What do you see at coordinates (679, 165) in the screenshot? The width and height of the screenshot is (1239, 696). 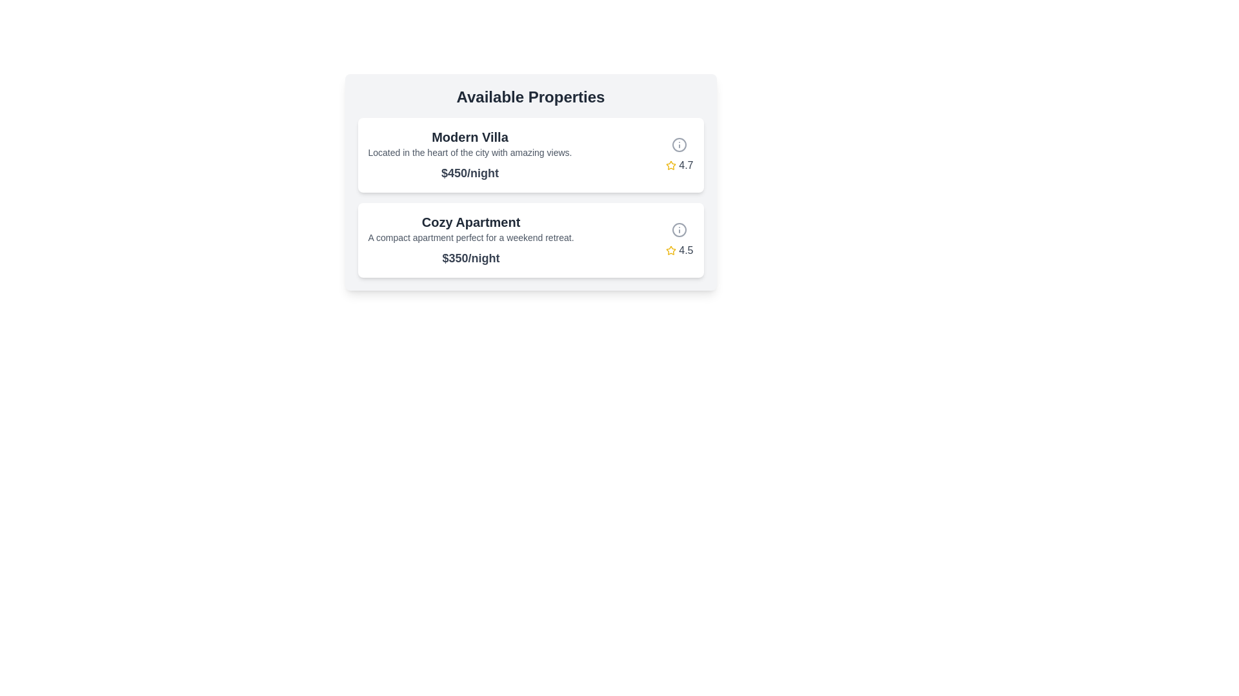 I see `the star in the Rating display located to the right of the 'Modern Villa' property card title` at bounding box center [679, 165].